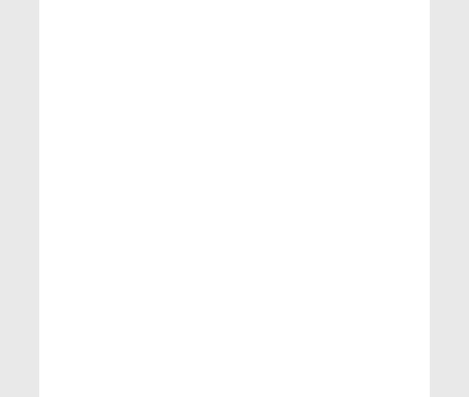  Describe the element at coordinates (73, 252) in the screenshot. I see `'Fundraiser'` at that location.